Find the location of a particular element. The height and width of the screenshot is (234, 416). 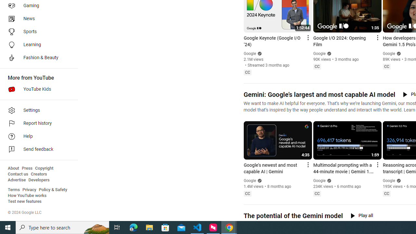

'Play all' is located at coordinates (361, 215).